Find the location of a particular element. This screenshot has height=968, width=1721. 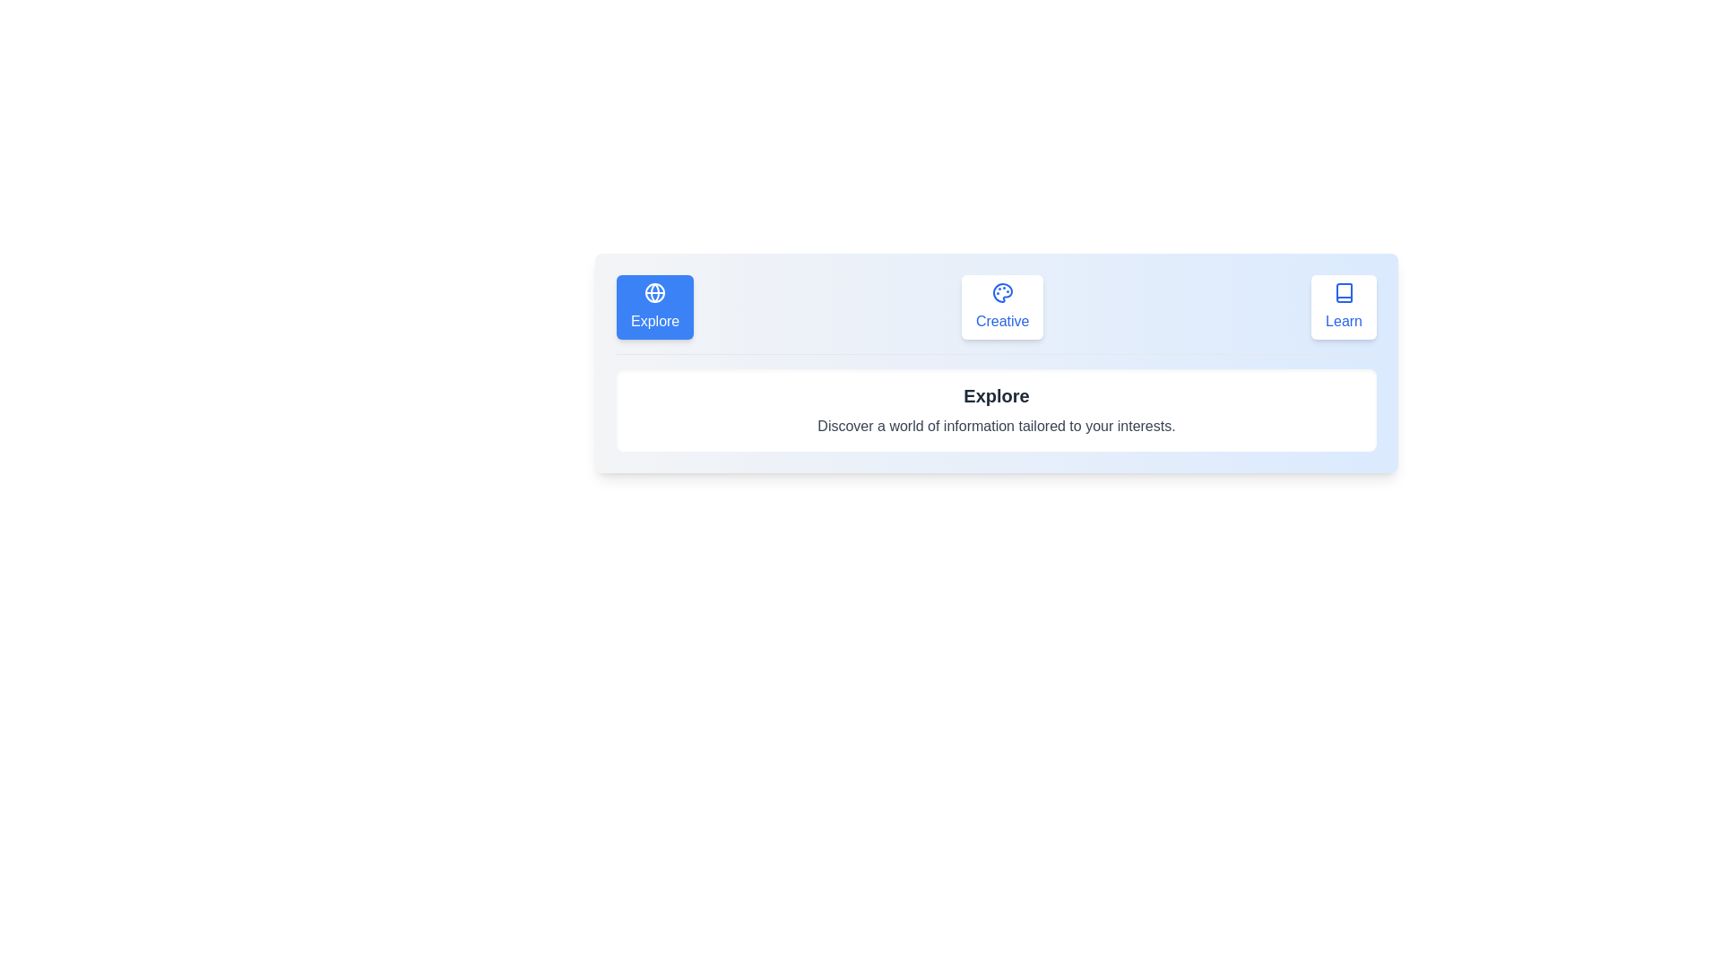

the icon of the tab labeled Creative is located at coordinates (1001, 307).